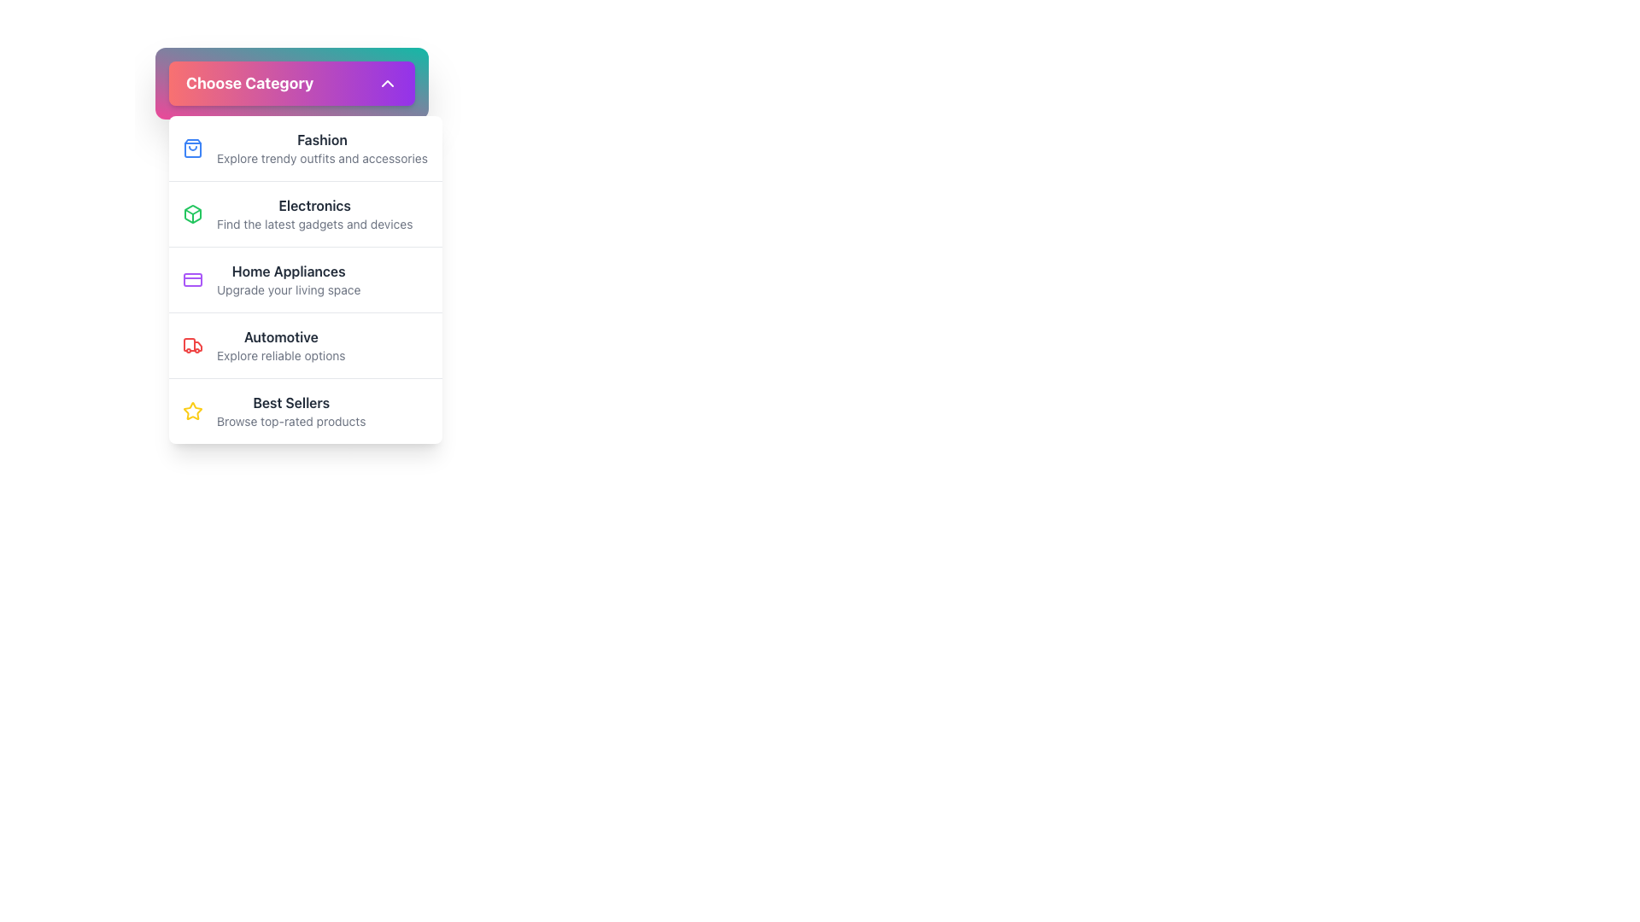 The image size is (1640, 922). I want to click on the yellow star icon located in the drop-down menu under the 'Best Sellers' category to interact with the category, so click(192, 411).